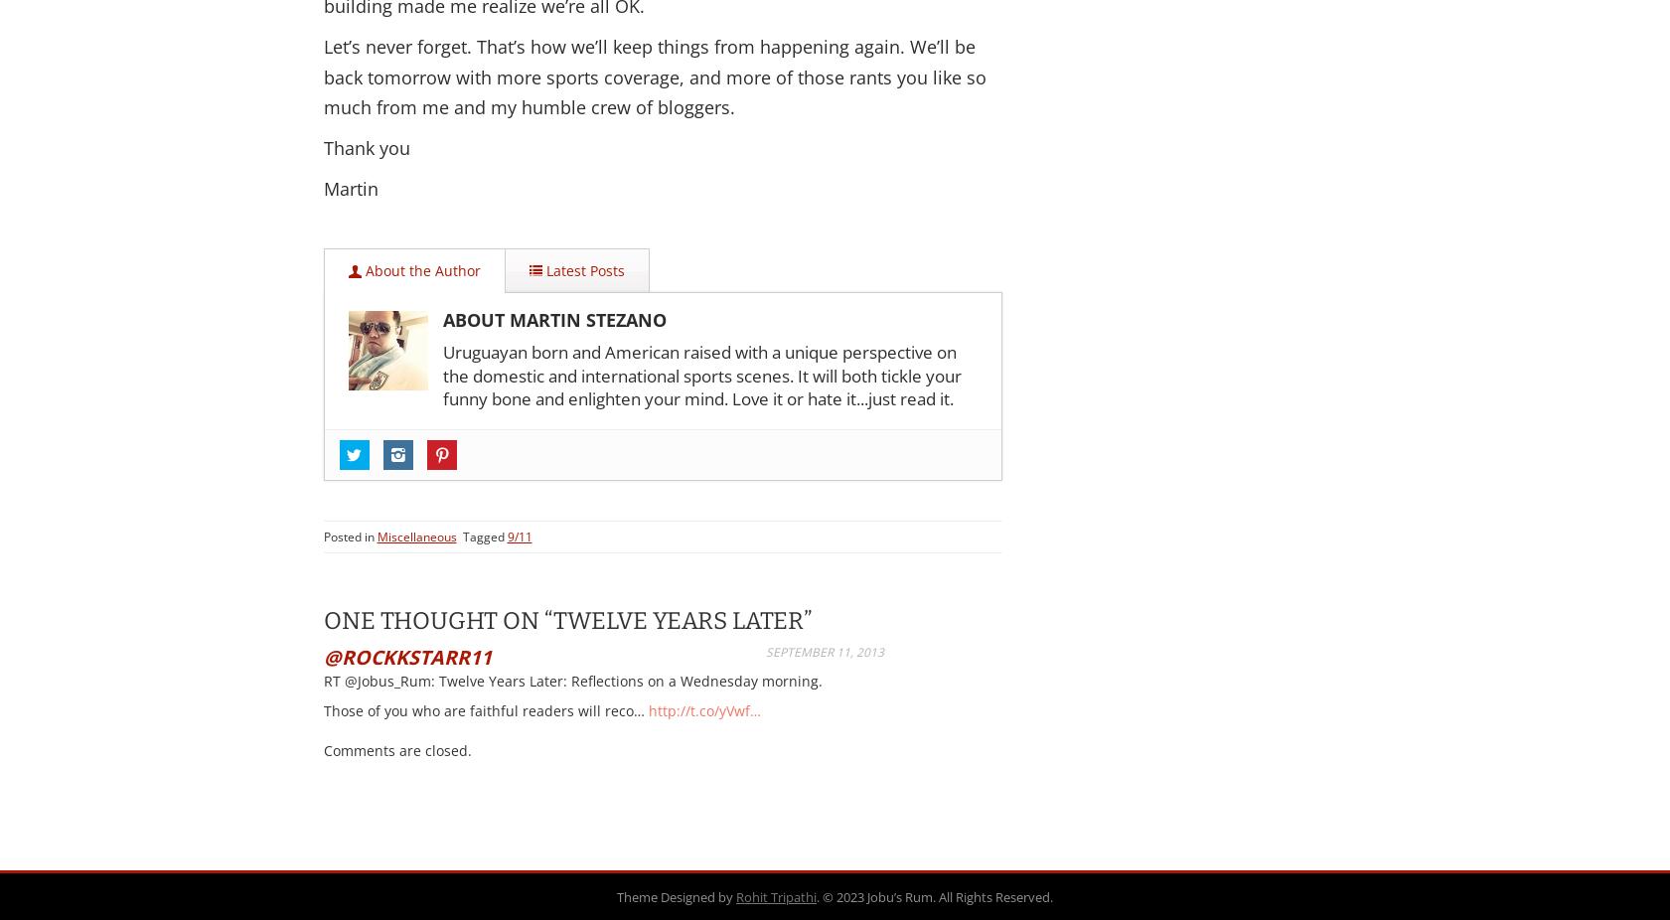 The height and width of the screenshot is (920, 1670). Describe the element at coordinates (653, 76) in the screenshot. I see `'Let’s never forget. That’s how we’ll keep things from happening again. We’ll be back tomorrow with more sports coverage, and more of those rants you like so much from me and my humble crew of bloggers.'` at that location.